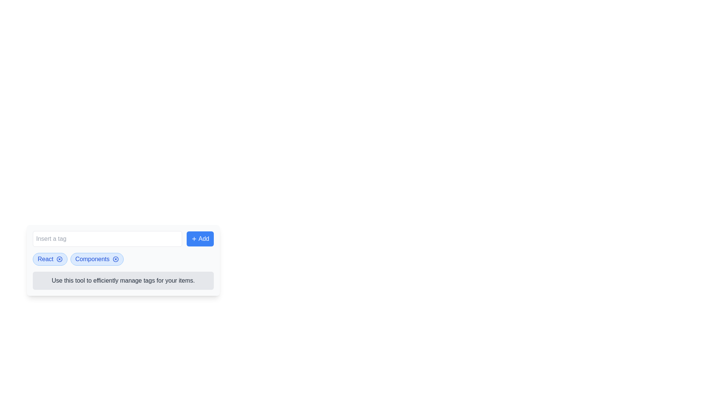 Image resolution: width=724 pixels, height=407 pixels. Describe the element at coordinates (200, 239) in the screenshot. I see `the '+ Add' button with a blue background and white text` at that location.